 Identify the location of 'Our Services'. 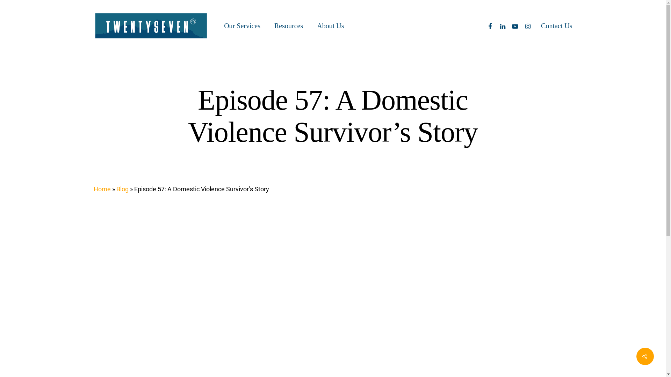
(242, 25).